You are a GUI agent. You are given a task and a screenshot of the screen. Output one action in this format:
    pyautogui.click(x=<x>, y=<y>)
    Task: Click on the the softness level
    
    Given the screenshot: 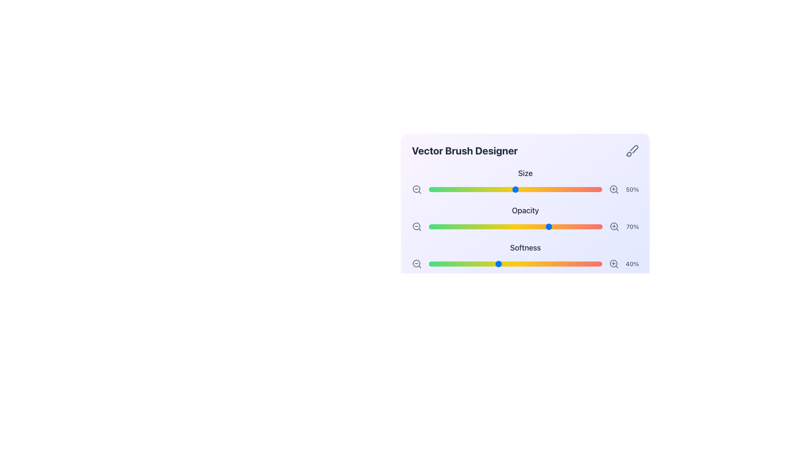 What is the action you would take?
    pyautogui.click(x=513, y=264)
    